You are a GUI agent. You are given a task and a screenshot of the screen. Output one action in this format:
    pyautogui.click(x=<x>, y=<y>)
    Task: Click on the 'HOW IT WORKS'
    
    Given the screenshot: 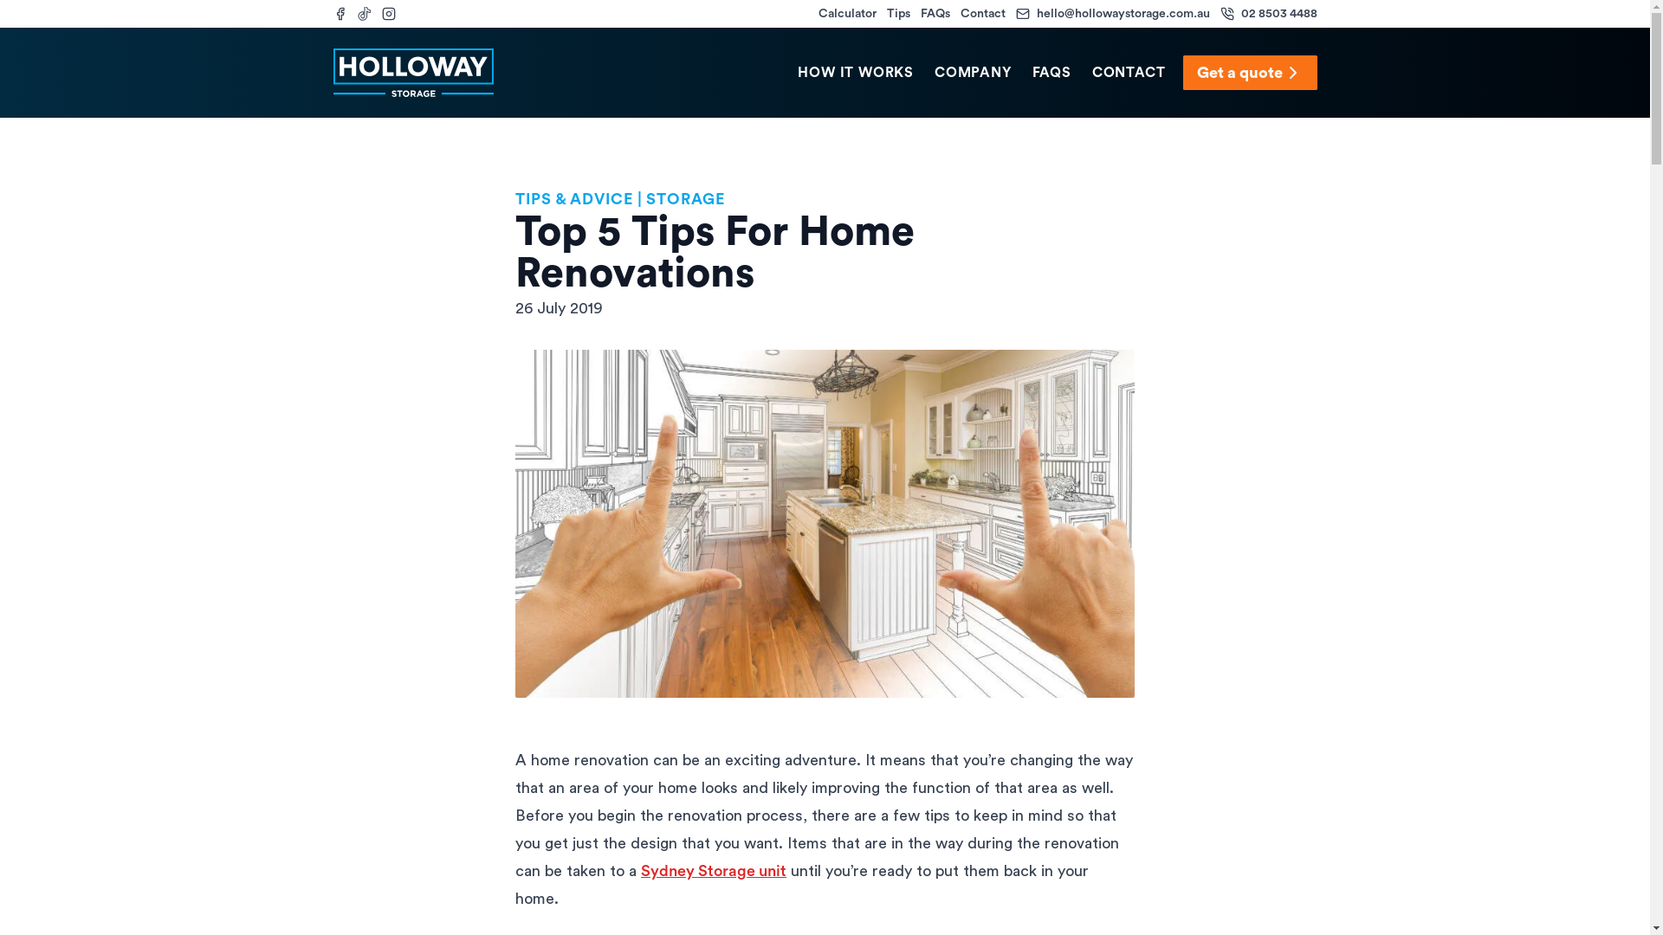 What is the action you would take?
    pyautogui.click(x=856, y=72)
    